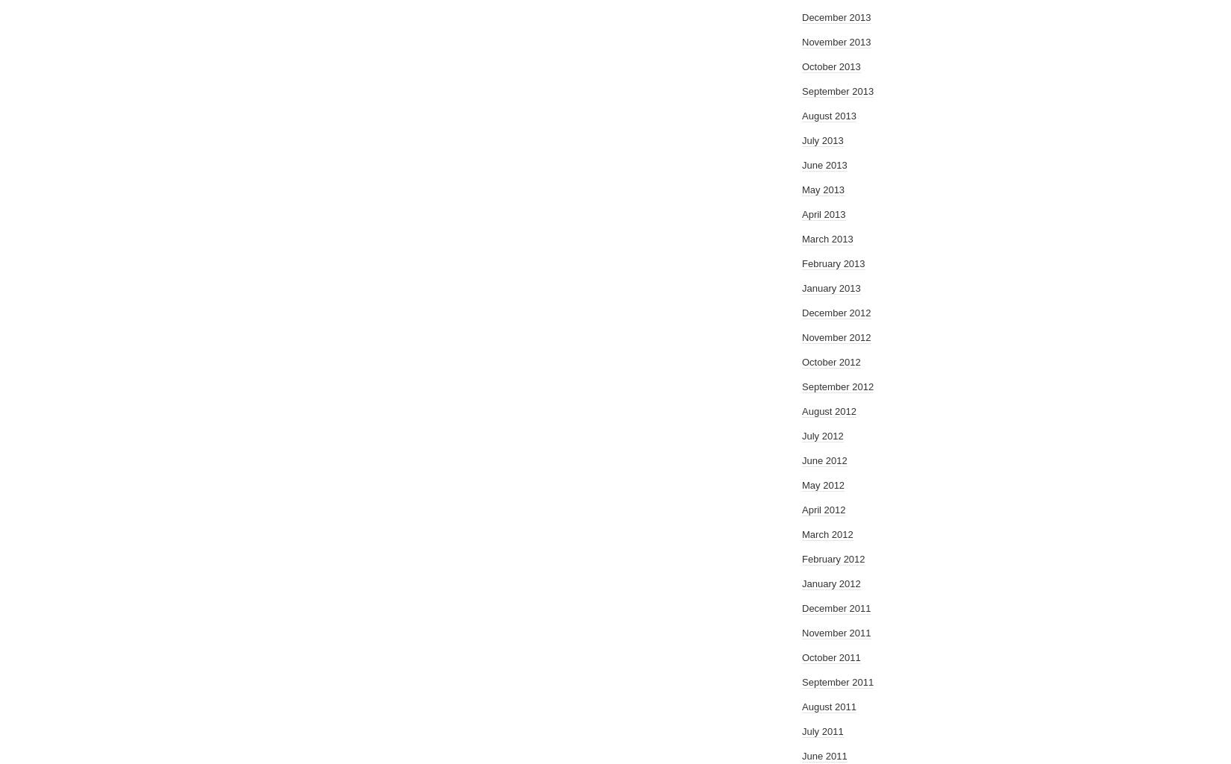 This screenshot has width=1231, height=764. What do you see at coordinates (829, 707) in the screenshot?
I see `'August 2011'` at bounding box center [829, 707].